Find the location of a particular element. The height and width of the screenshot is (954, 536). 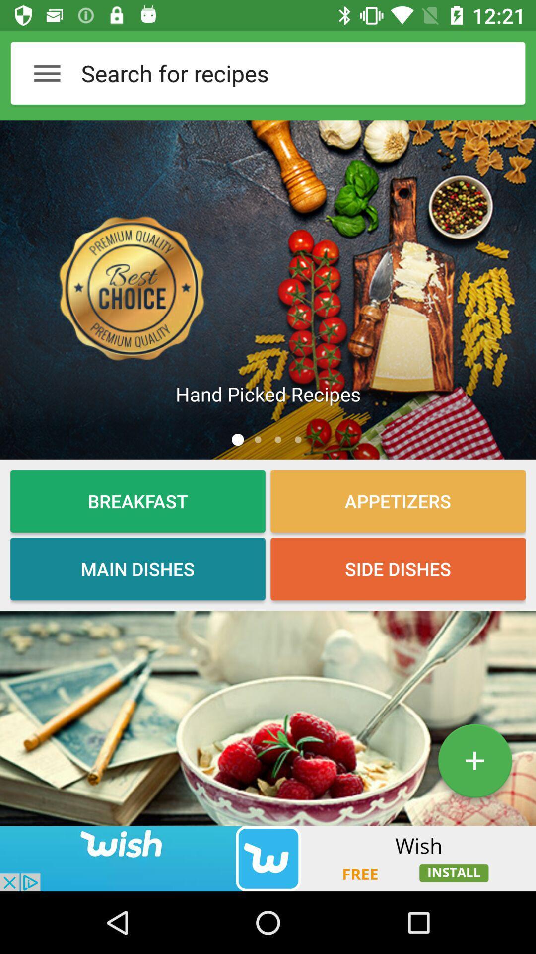

the button which is below the breakfast is located at coordinates (137, 569).